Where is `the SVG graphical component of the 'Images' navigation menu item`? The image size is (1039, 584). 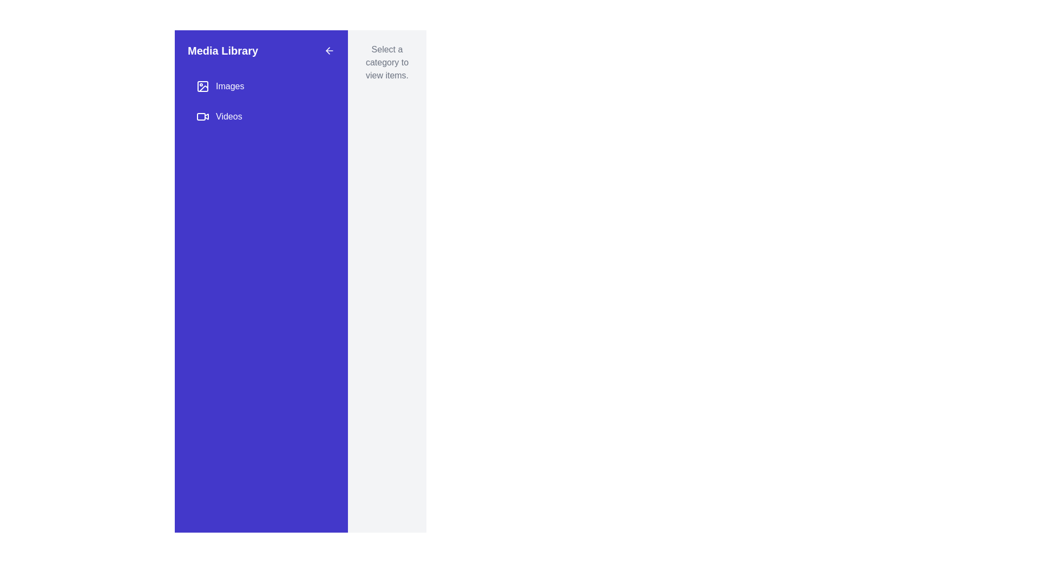
the SVG graphical component of the 'Images' navigation menu item is located at coordinates (202, 85).